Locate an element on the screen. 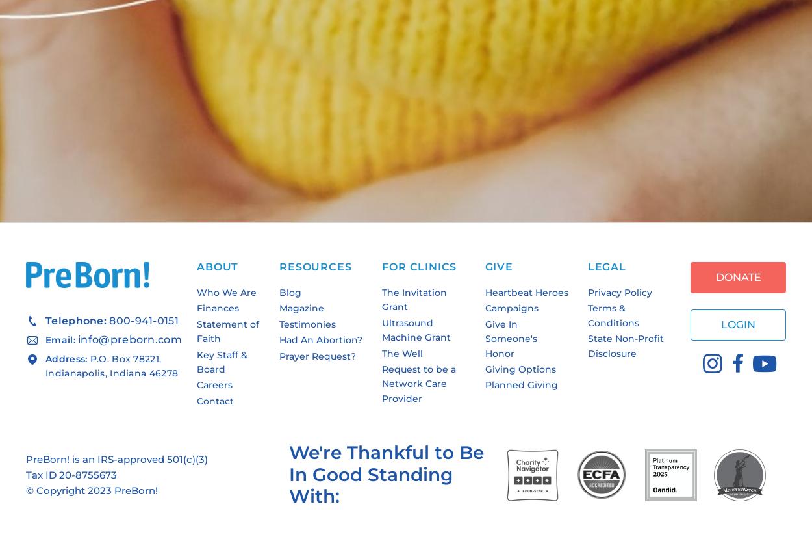 Image resolution: width=812 pixels, height=539 pixels. 'ABOUT' is located at coordinates (217, 267).